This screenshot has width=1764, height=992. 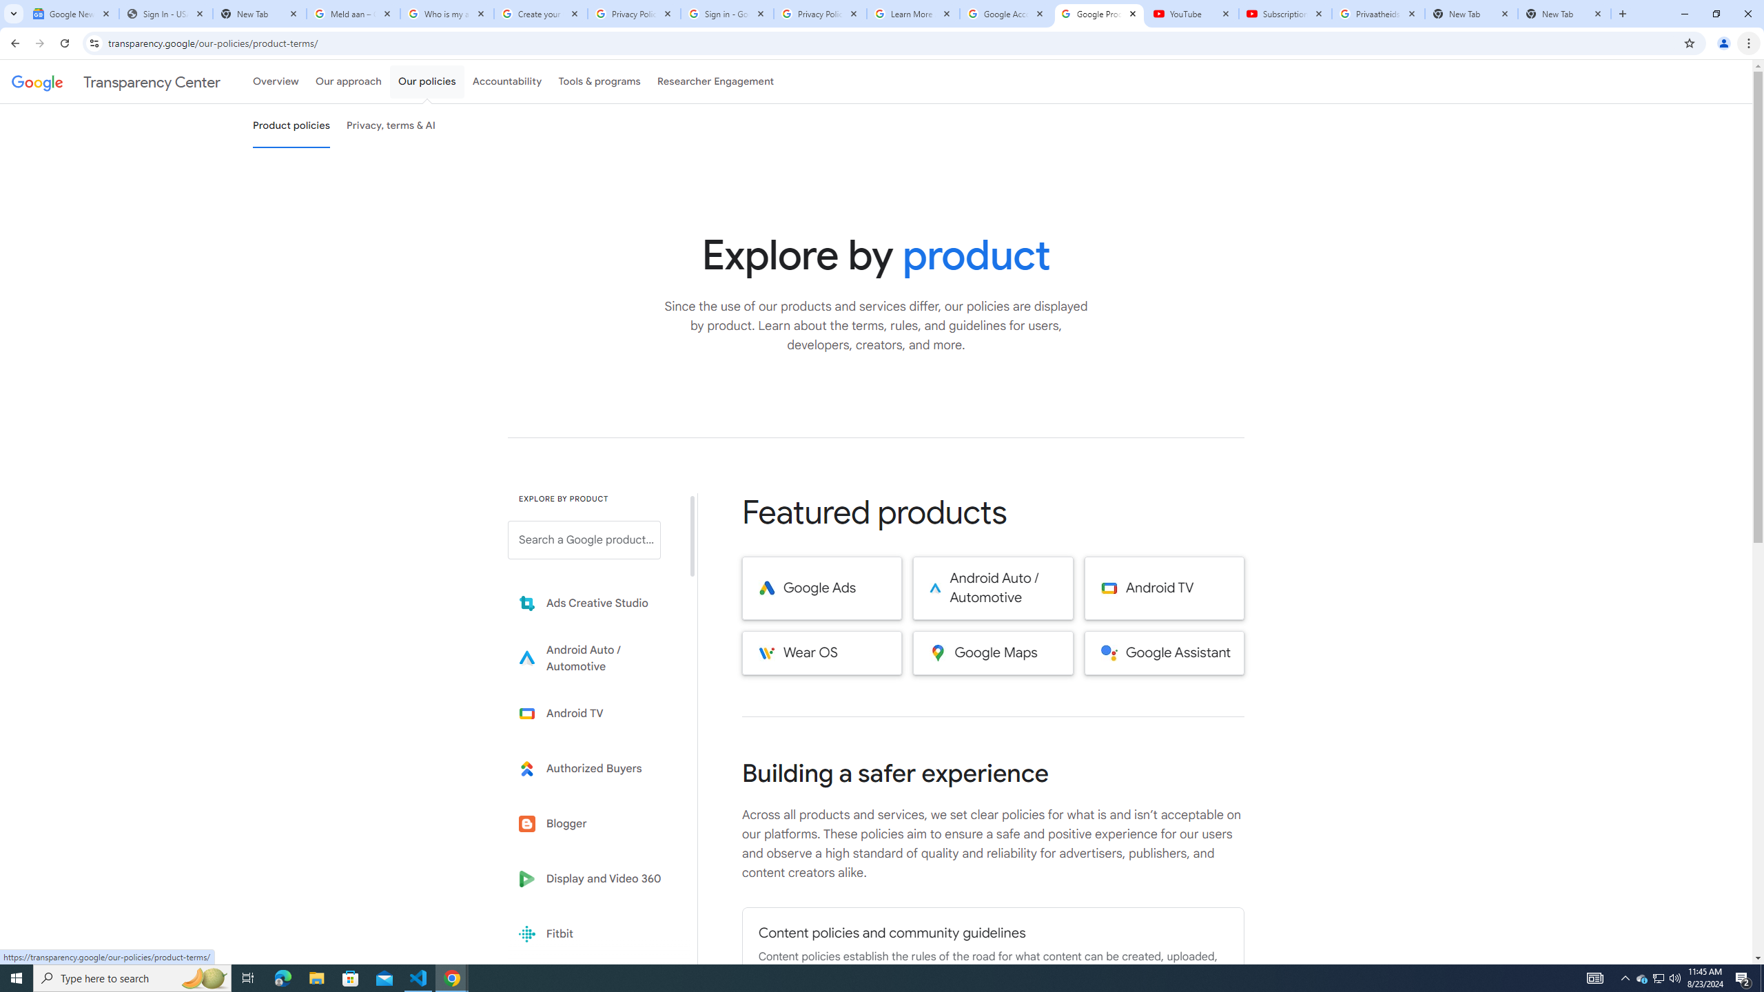 What do you see at coordinates (593, 989) in the screenshot?
I see `'Kaggle'` at bounding box center [593, 989].